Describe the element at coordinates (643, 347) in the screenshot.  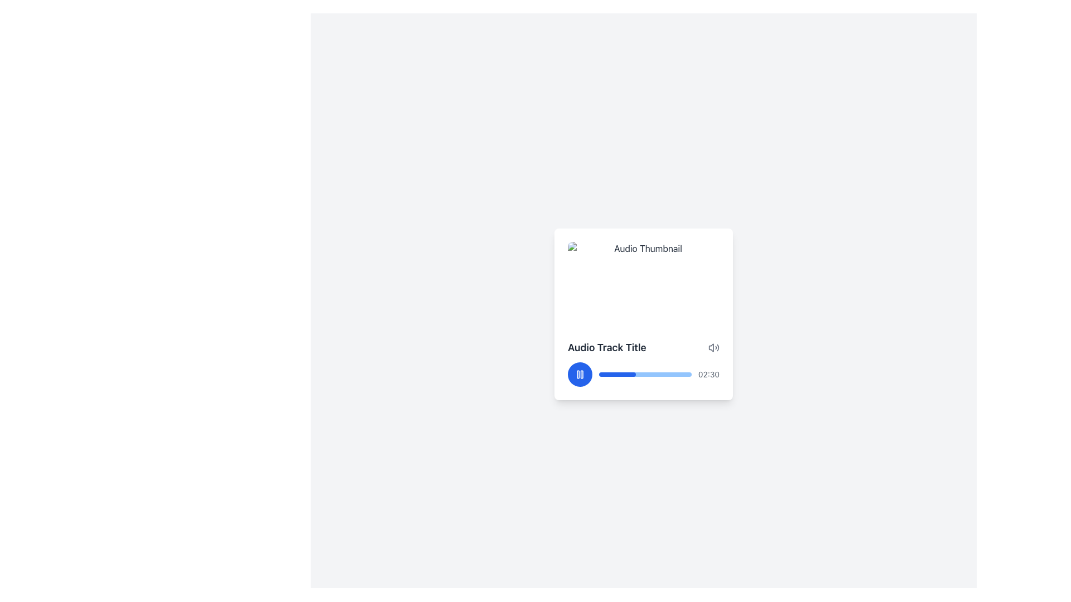
I see `the Text Display element that shows the title of the audio track, located in the center-right of the interface above the audio controls` at that location.